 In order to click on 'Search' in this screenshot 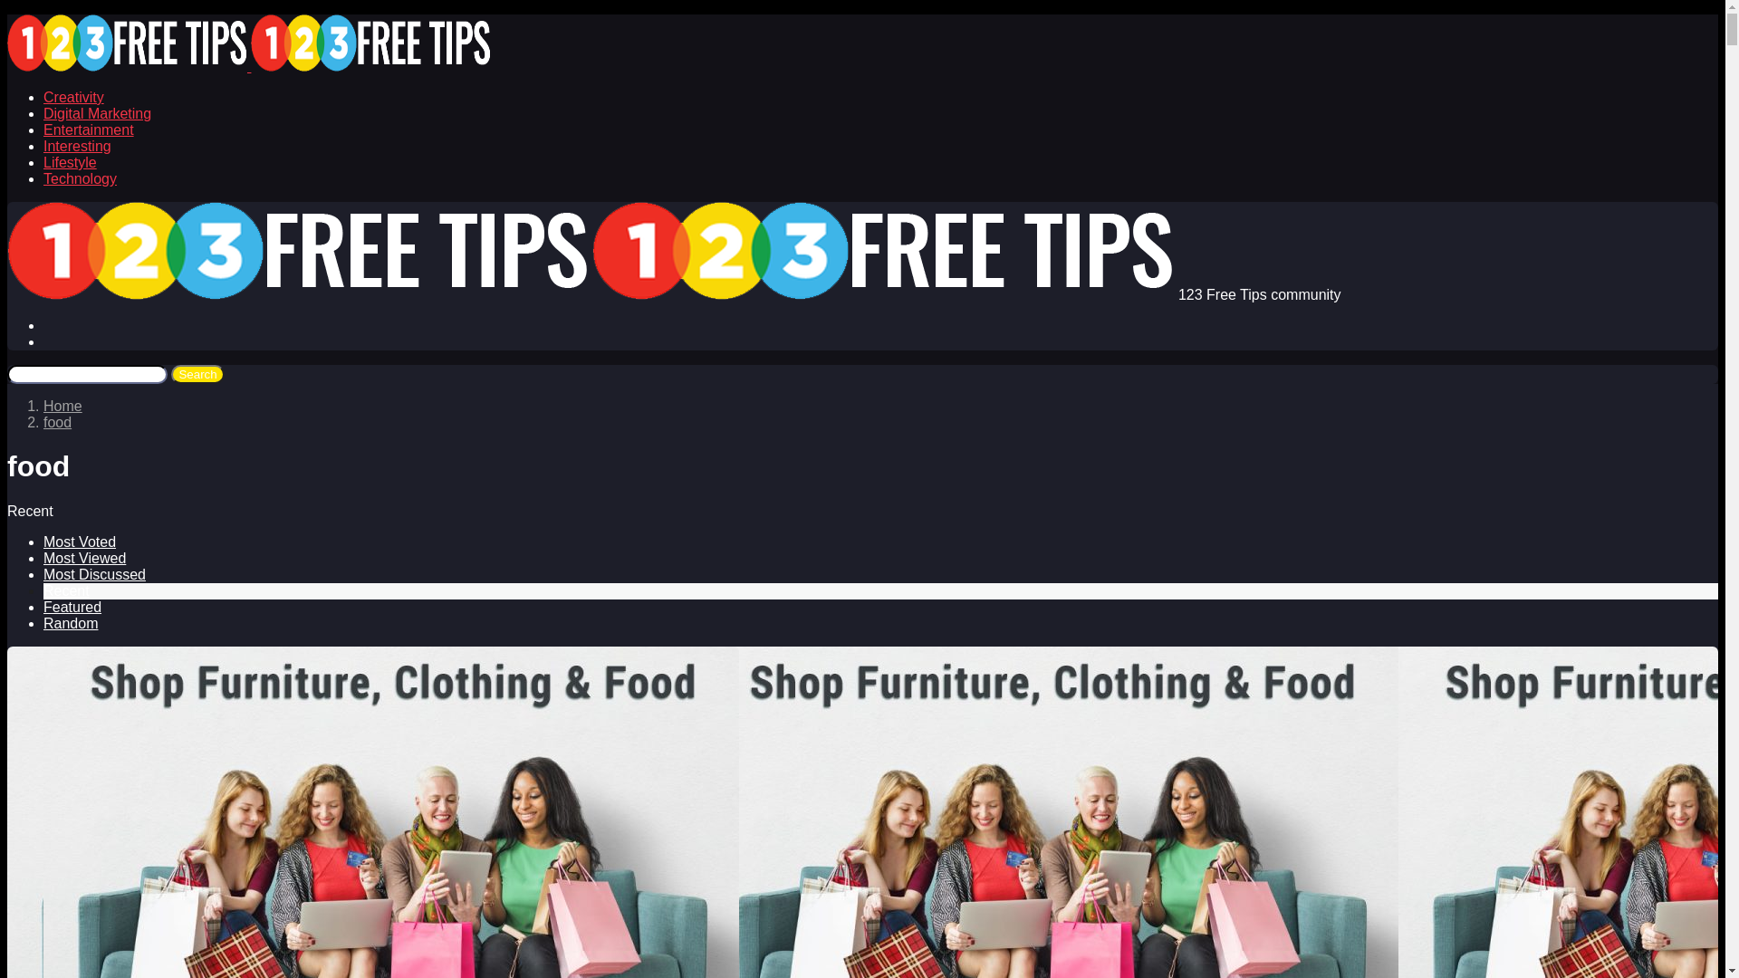, I will do `click(197, 373)`.